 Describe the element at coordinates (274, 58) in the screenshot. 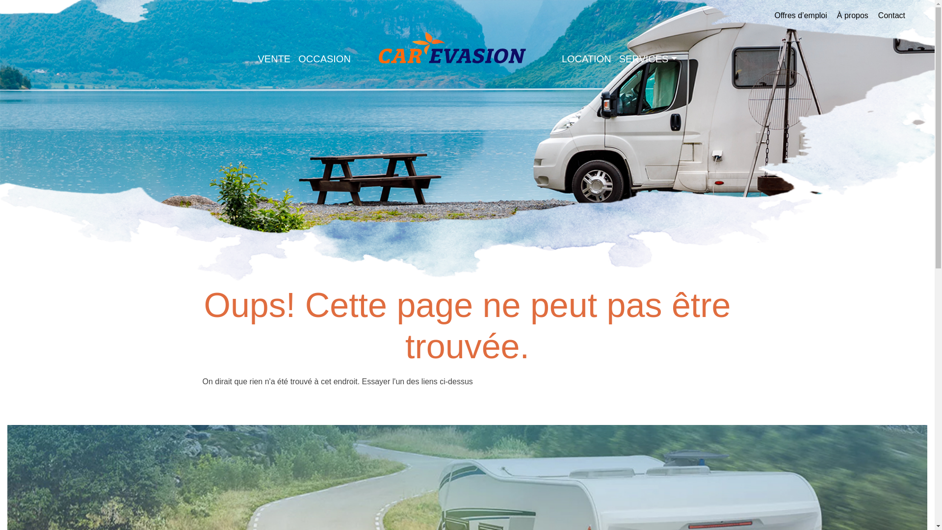

I see `'VENTE'` at that location.